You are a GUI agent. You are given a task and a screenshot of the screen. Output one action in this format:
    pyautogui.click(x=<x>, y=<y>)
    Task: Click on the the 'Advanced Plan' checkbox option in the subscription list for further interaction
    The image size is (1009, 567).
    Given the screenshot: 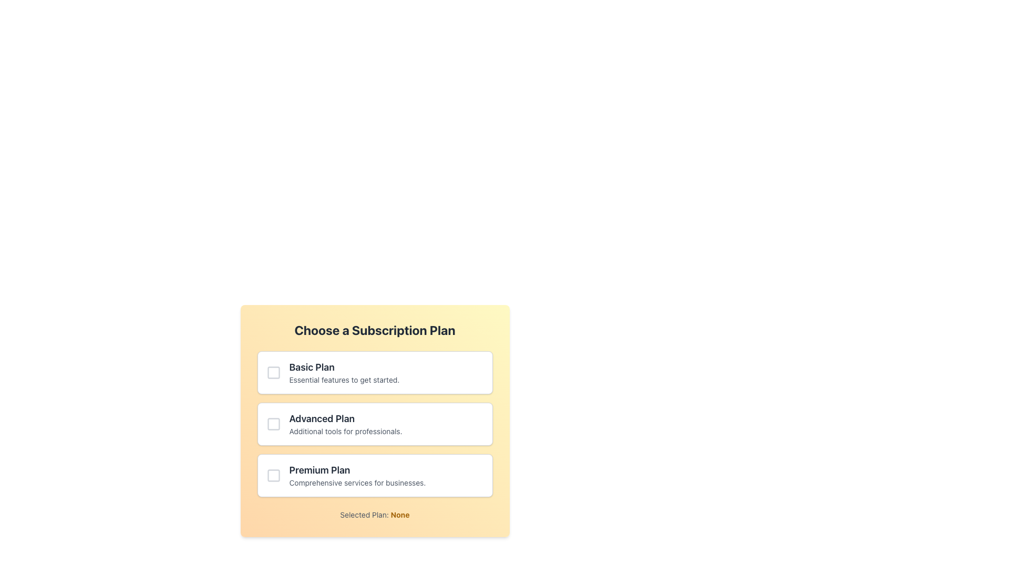 What is the action you would take?
    pyautogui.click(x=375, y=423)
    